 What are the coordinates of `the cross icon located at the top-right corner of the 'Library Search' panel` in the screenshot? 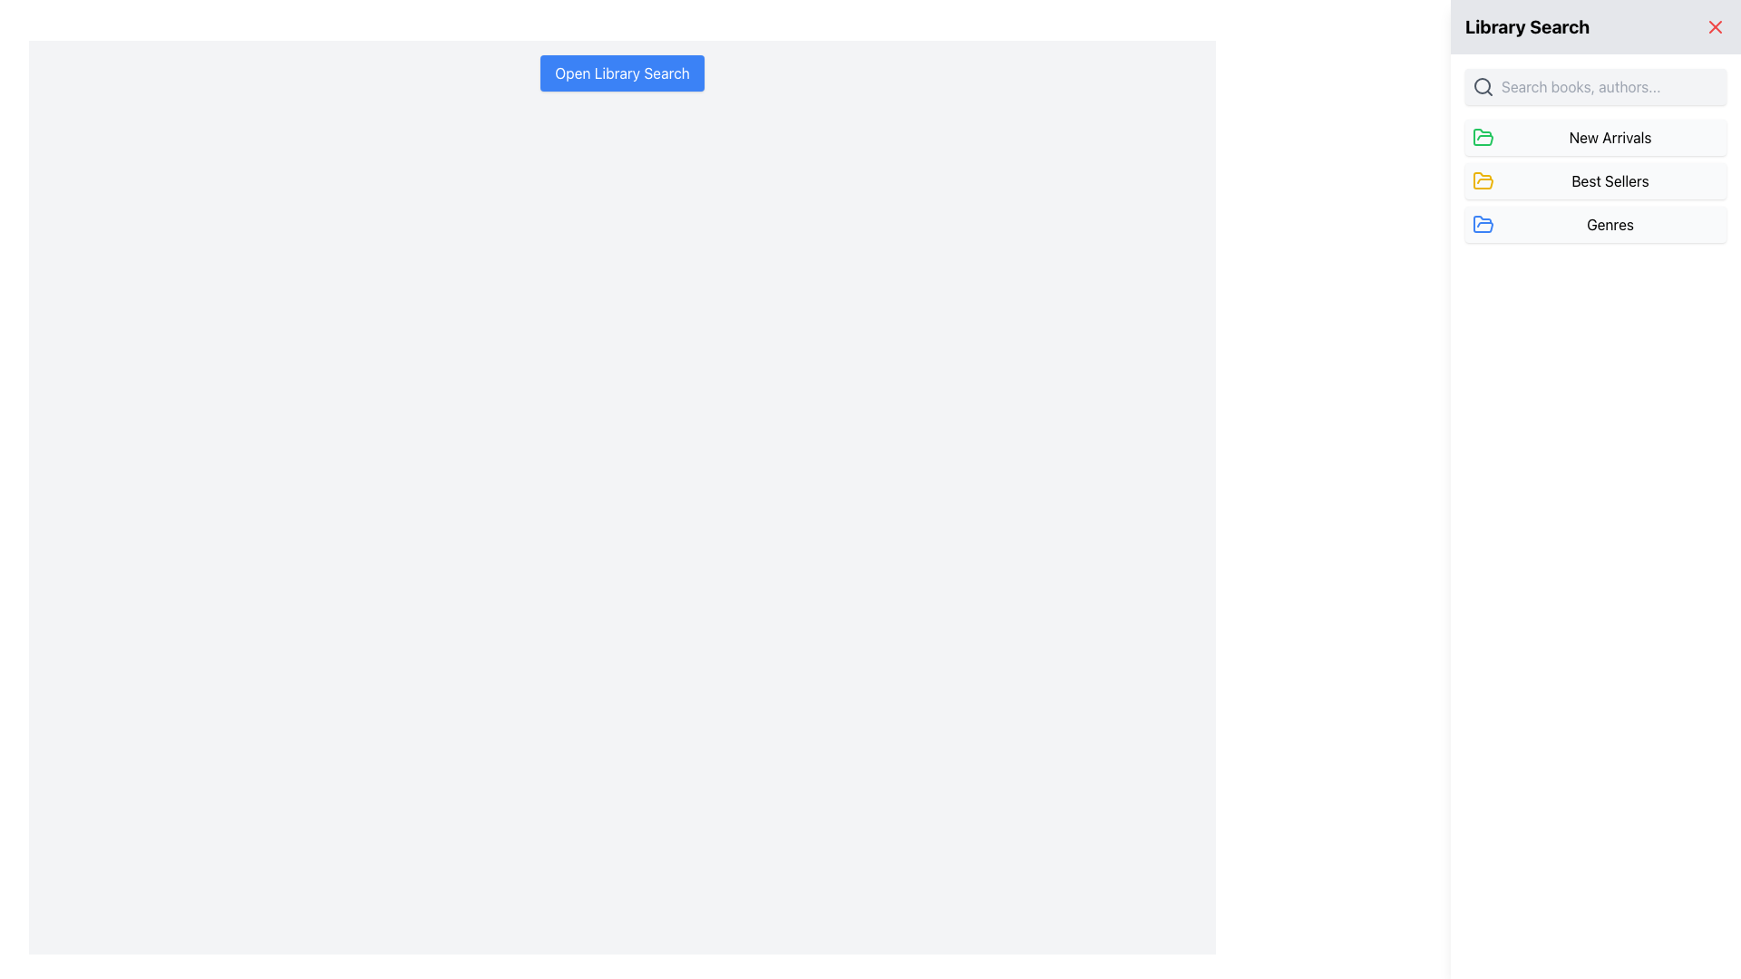 It's located at (1714, 27).